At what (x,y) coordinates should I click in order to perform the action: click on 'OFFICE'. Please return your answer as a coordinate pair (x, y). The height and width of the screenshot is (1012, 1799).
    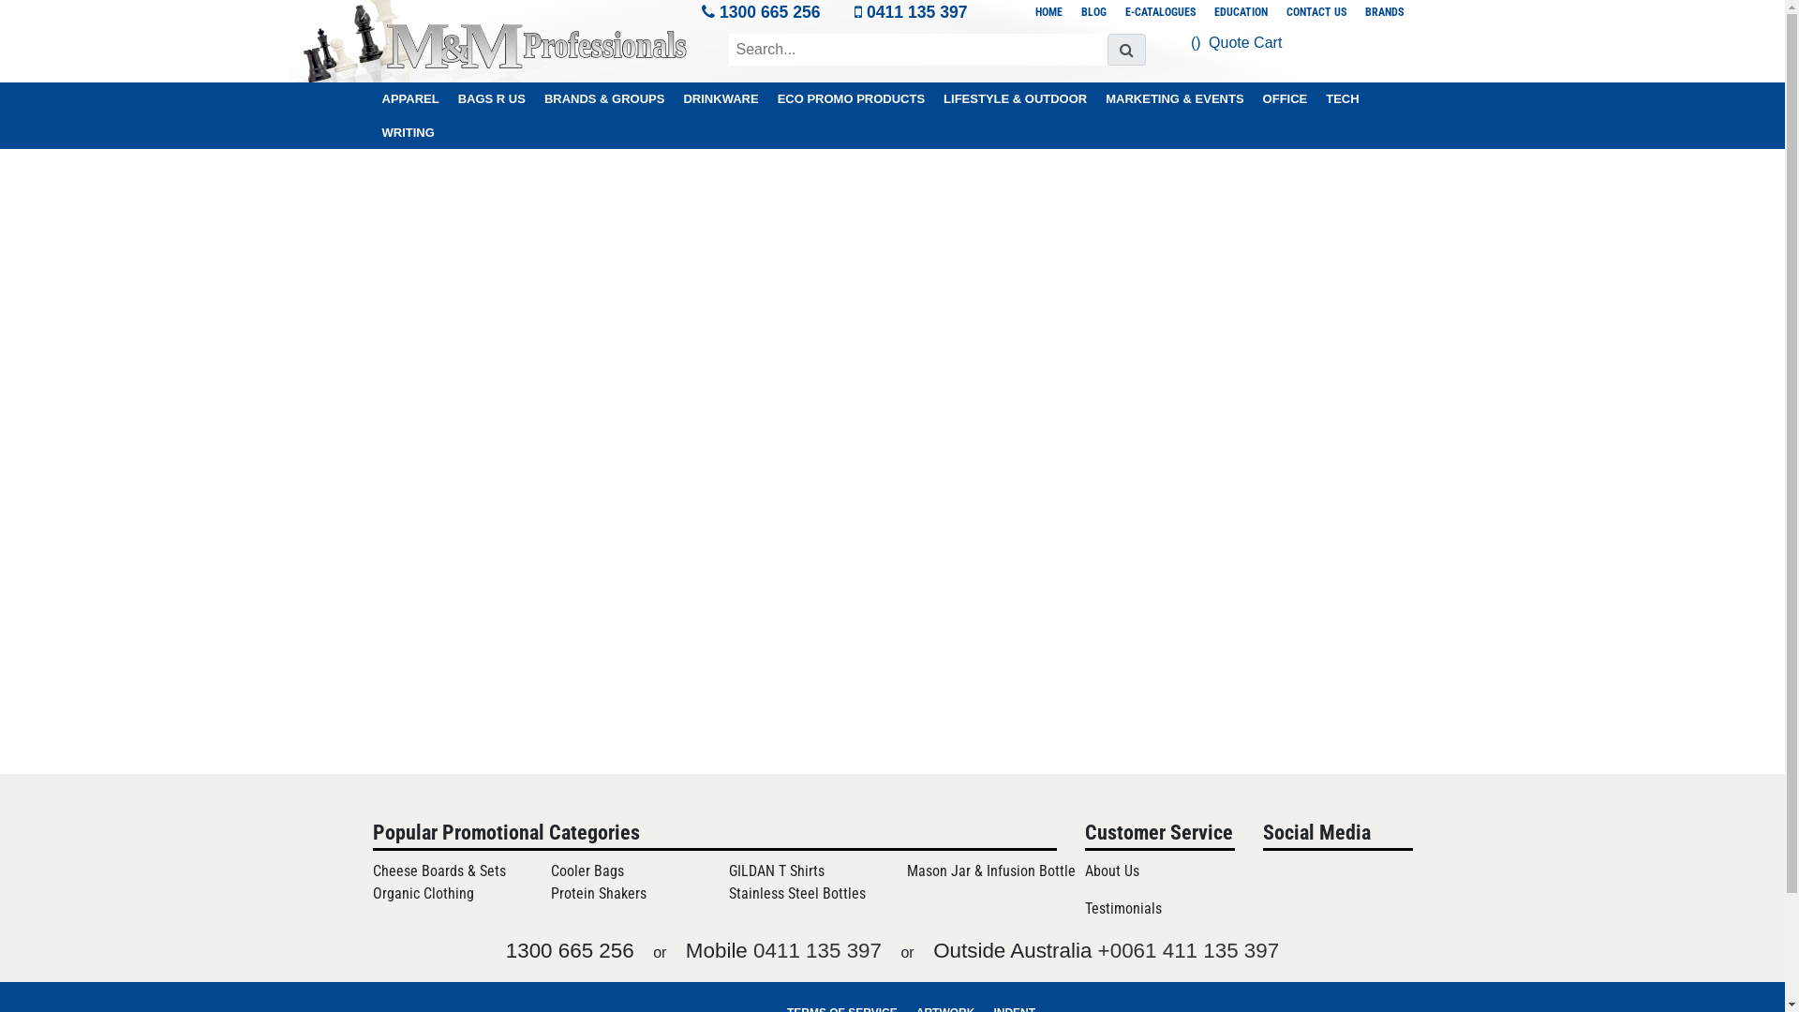
    Looking at the image, I should click on (1285, 98).